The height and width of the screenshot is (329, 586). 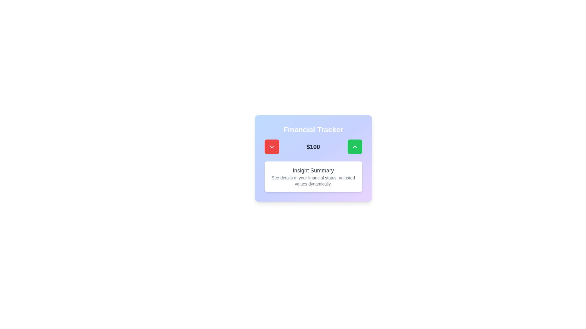 What do you see at coordinates (313, 147) in the screenshot?
I see `the Text label displaying the current financial value of '$100', which is located centrally beneath 'Financial Tracker' and above 'Insight Summary', flanked by a red button on the left and a green button on the right` at bounding box center [313, 147].